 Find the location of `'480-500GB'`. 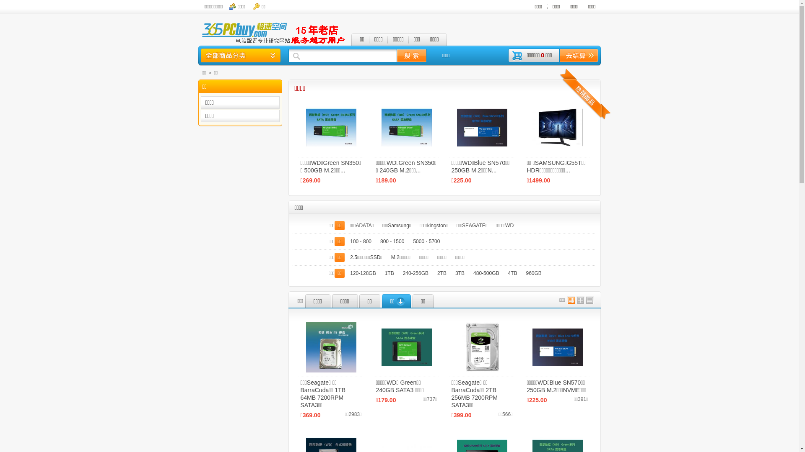

'480-500GB' is located at coordinates (486, 273).